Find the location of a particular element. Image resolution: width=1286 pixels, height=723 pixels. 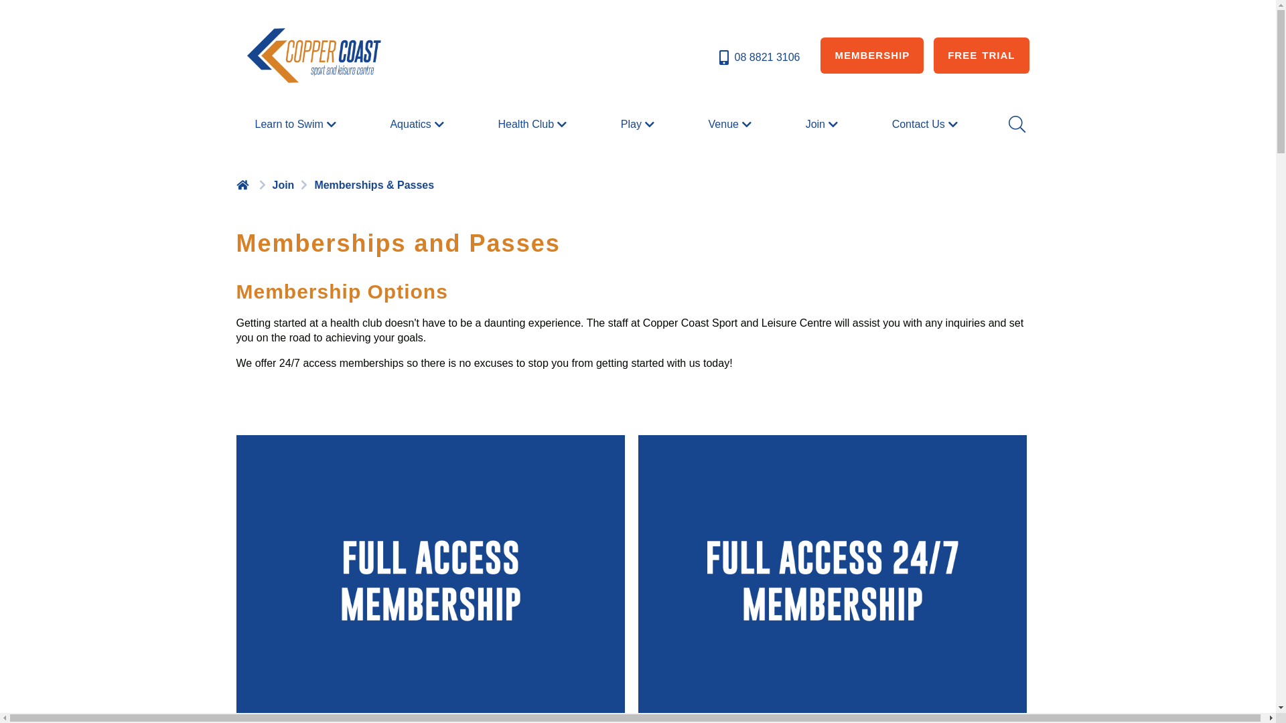

'Venue' is located at coordinates (731, 124).